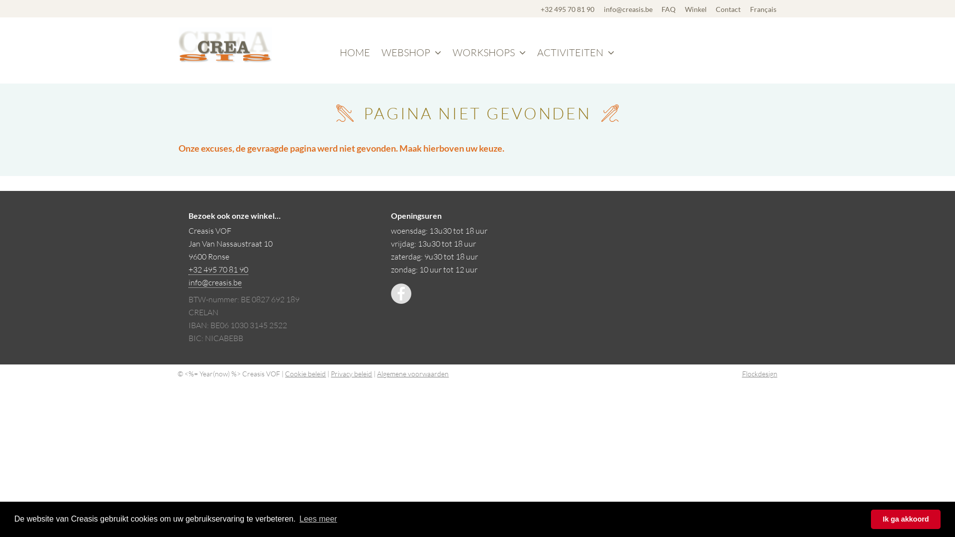  I want to click on 'Lees meer', so click(317, 519).